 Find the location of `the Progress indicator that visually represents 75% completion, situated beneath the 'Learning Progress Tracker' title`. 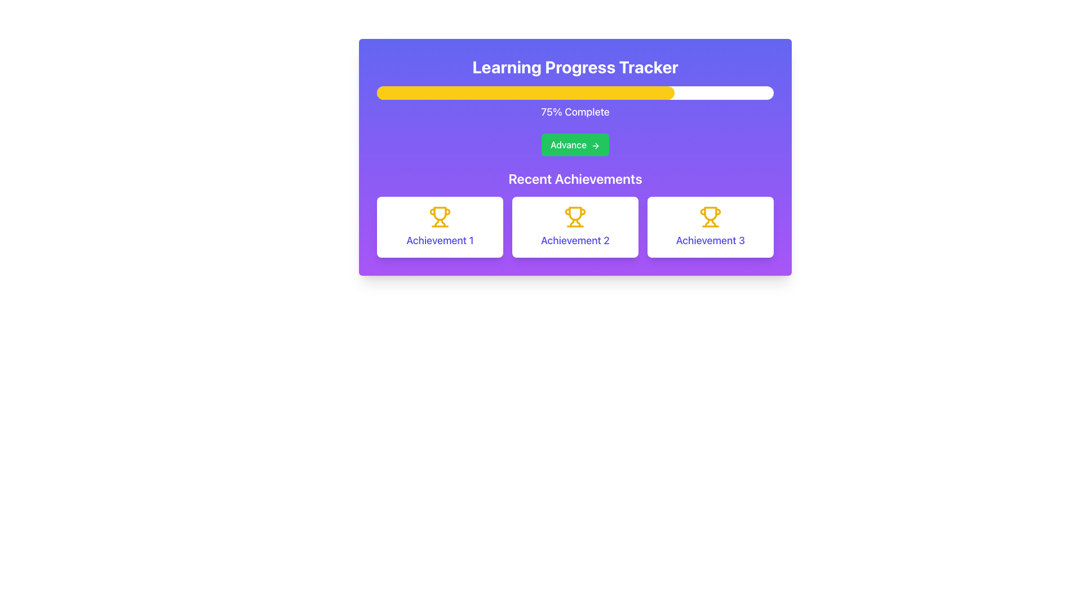

the Progress indicator that visually represents 75% completion, situated beneath the 'Learning Progress Tracker' title is located at coordinates (525, 92).